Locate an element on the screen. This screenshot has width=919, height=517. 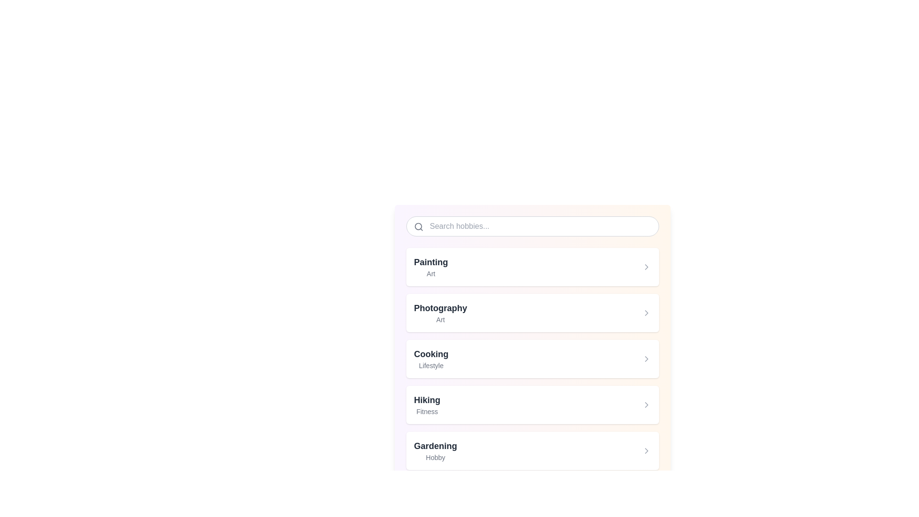
the search icon located at the top-left corner of the text box with the placeholder 'Search hobbies...' is located at coordinates (418, 227).